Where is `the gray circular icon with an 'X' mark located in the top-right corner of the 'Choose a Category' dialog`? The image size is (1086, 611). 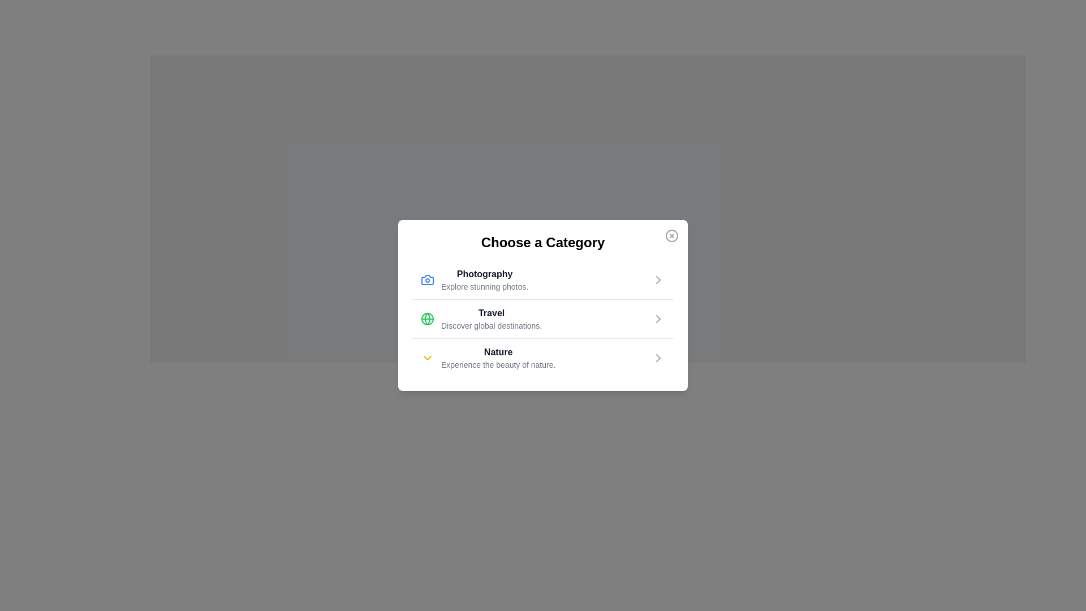
the gray circular icon with an 'X' mark located in the top-right corner of the 'Choose a Category' dialog is located at coordinates (672, 235).